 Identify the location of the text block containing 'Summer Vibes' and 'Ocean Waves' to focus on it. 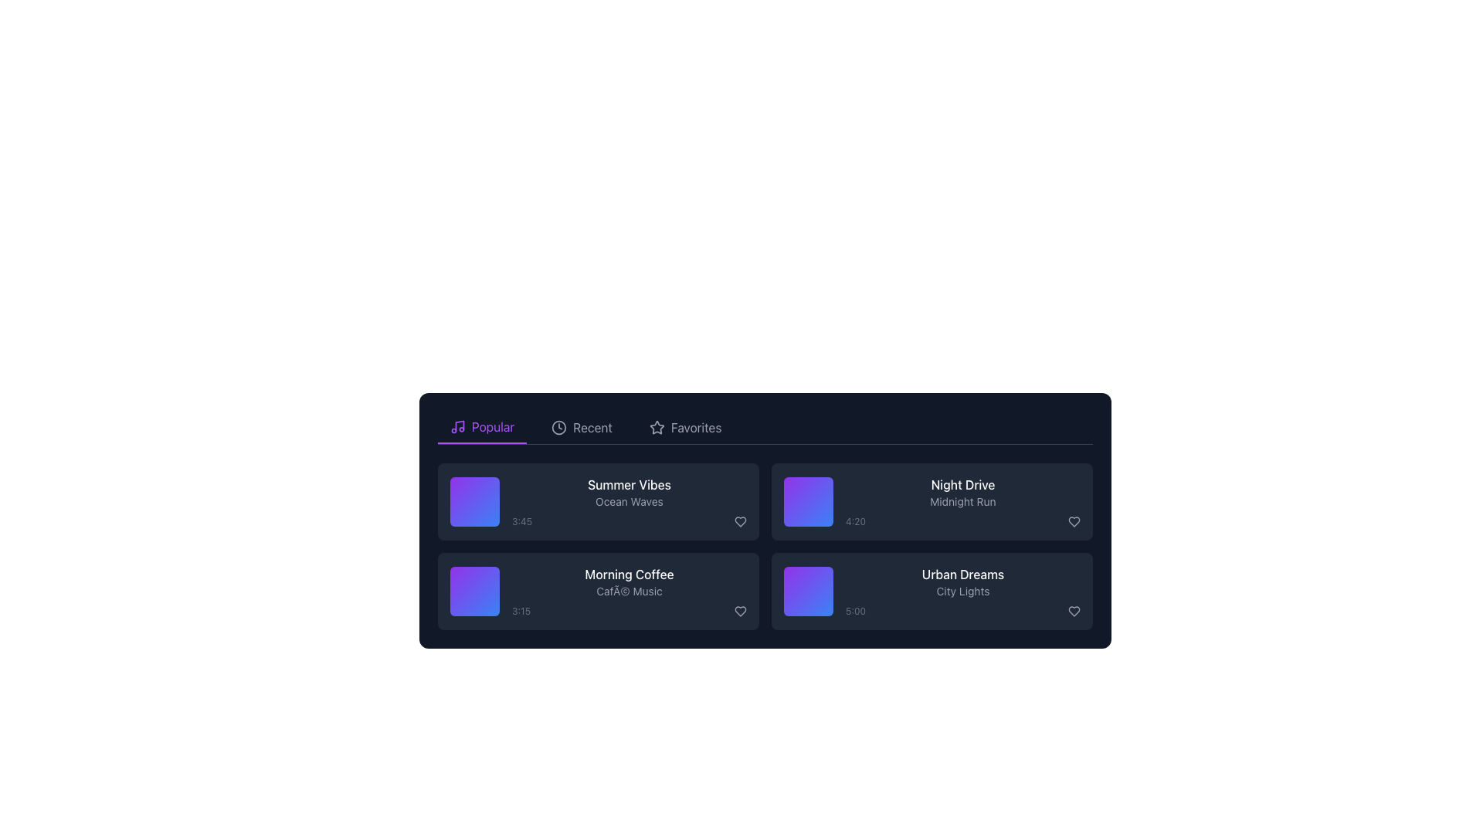
(630, 502).